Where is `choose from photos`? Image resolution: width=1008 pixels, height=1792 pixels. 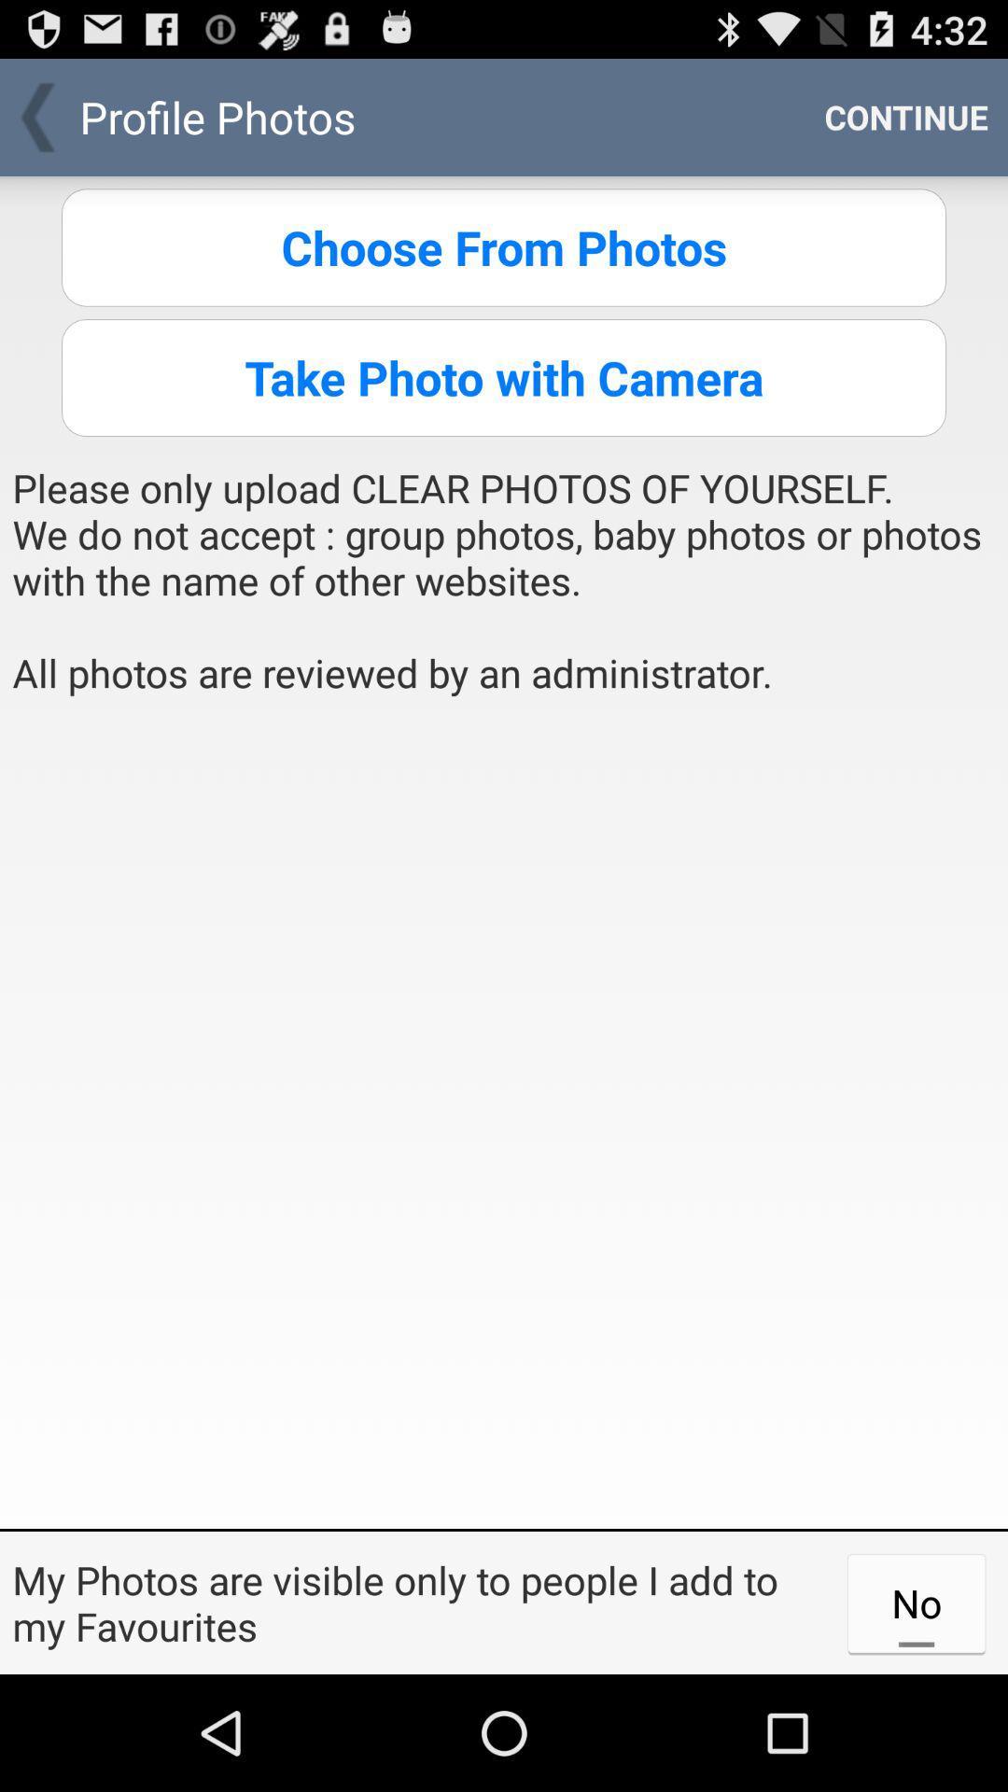
choose from photos is located at coordinates (504, 246).